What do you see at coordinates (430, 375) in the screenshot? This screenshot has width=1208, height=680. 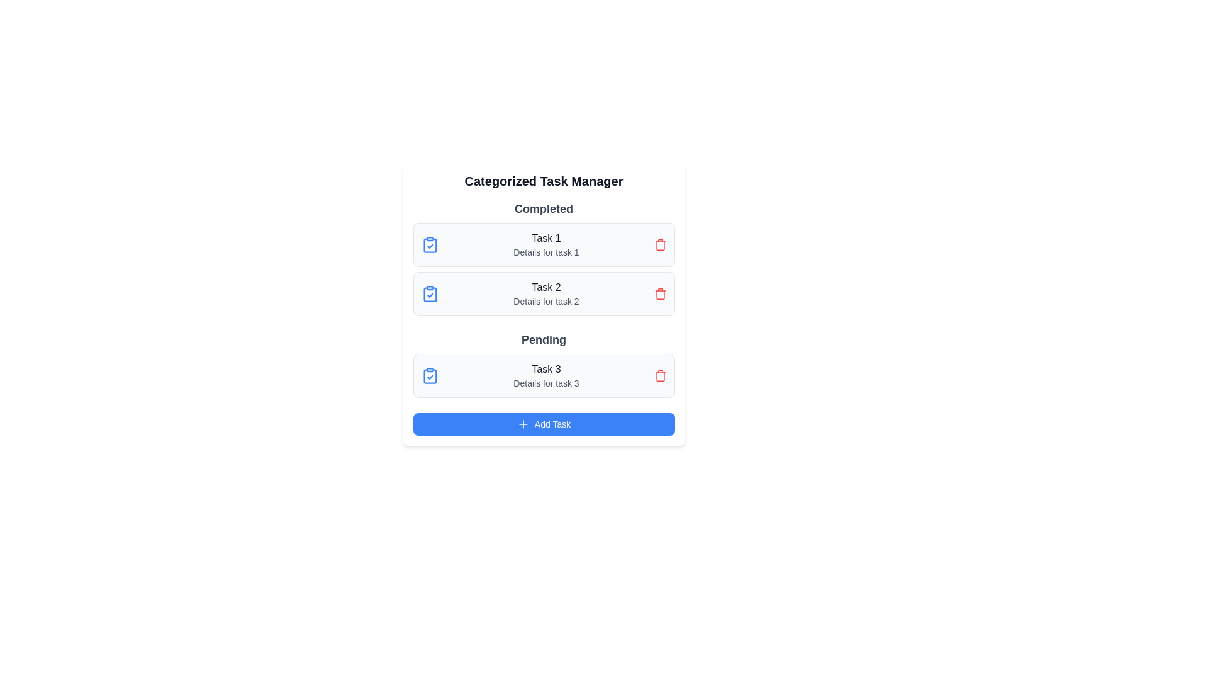 I see `the check icon for task Task 3 to mark it as completed or inspected` at bounding box center [430, 375].